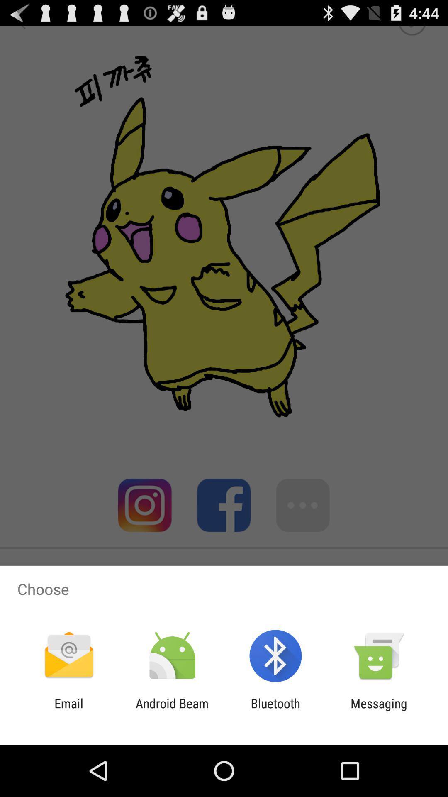  Describe the element at coordinates (172, 710) in the screenshot. I see `the icon to the right of the email item` at that location.